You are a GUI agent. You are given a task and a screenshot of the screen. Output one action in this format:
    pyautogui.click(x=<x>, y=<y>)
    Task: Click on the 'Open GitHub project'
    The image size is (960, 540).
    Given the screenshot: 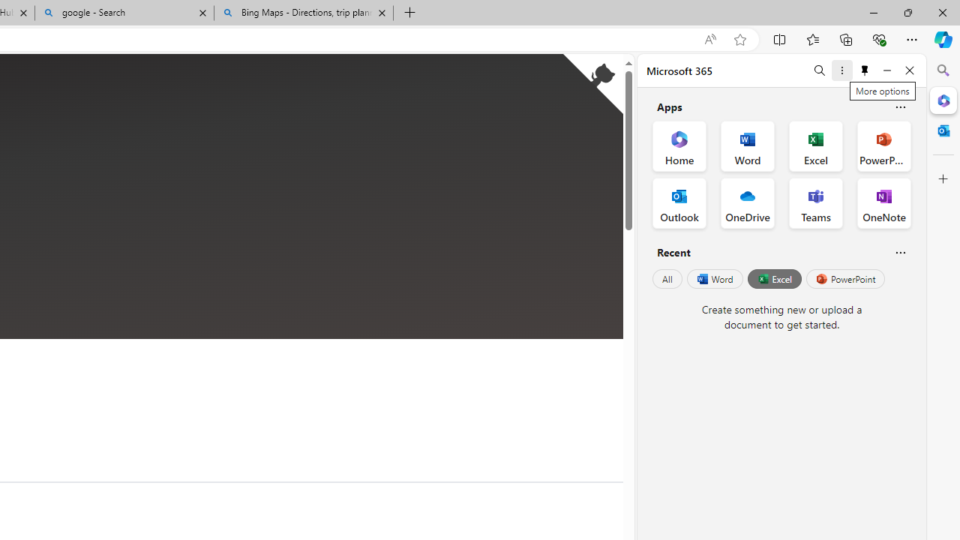 What is the action you would take?
    pyautogui.click(x=592, y=83)
    